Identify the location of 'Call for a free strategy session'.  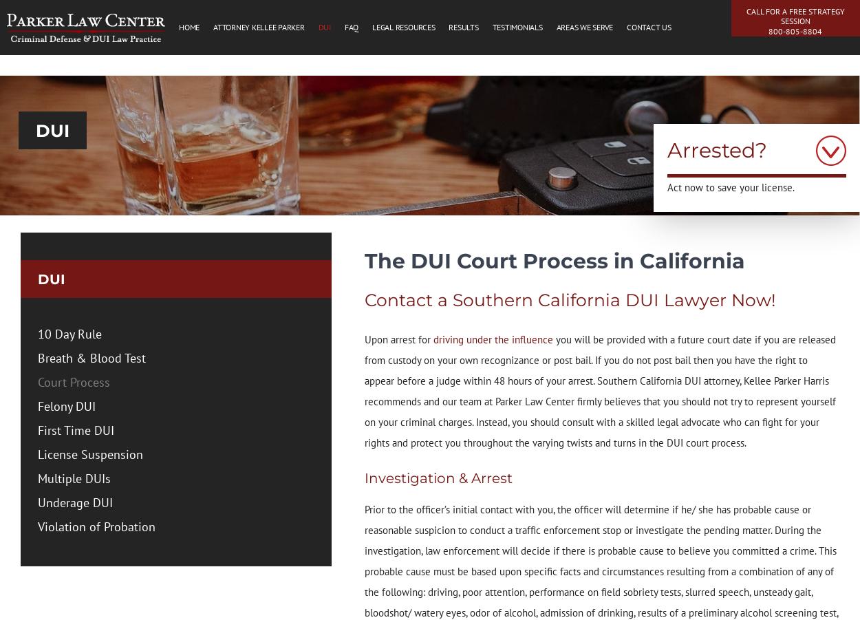
(745, 15).